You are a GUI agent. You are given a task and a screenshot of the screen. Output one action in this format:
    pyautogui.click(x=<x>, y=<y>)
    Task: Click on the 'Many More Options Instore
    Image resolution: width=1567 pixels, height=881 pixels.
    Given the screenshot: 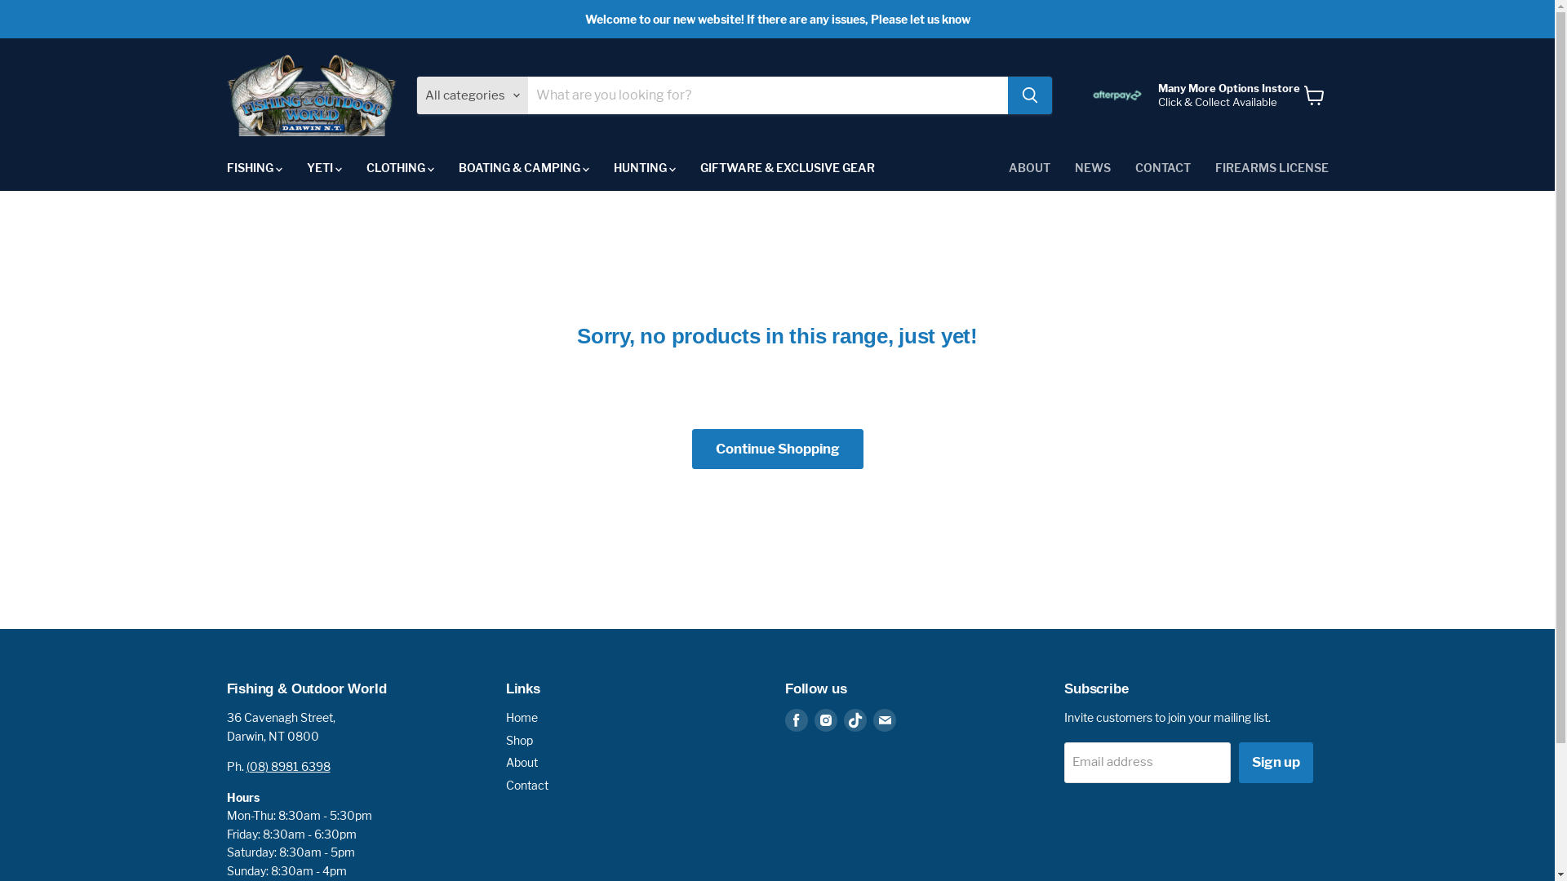 What is the action you would take?
    pyautogui.click(x=1191, y=95)
    